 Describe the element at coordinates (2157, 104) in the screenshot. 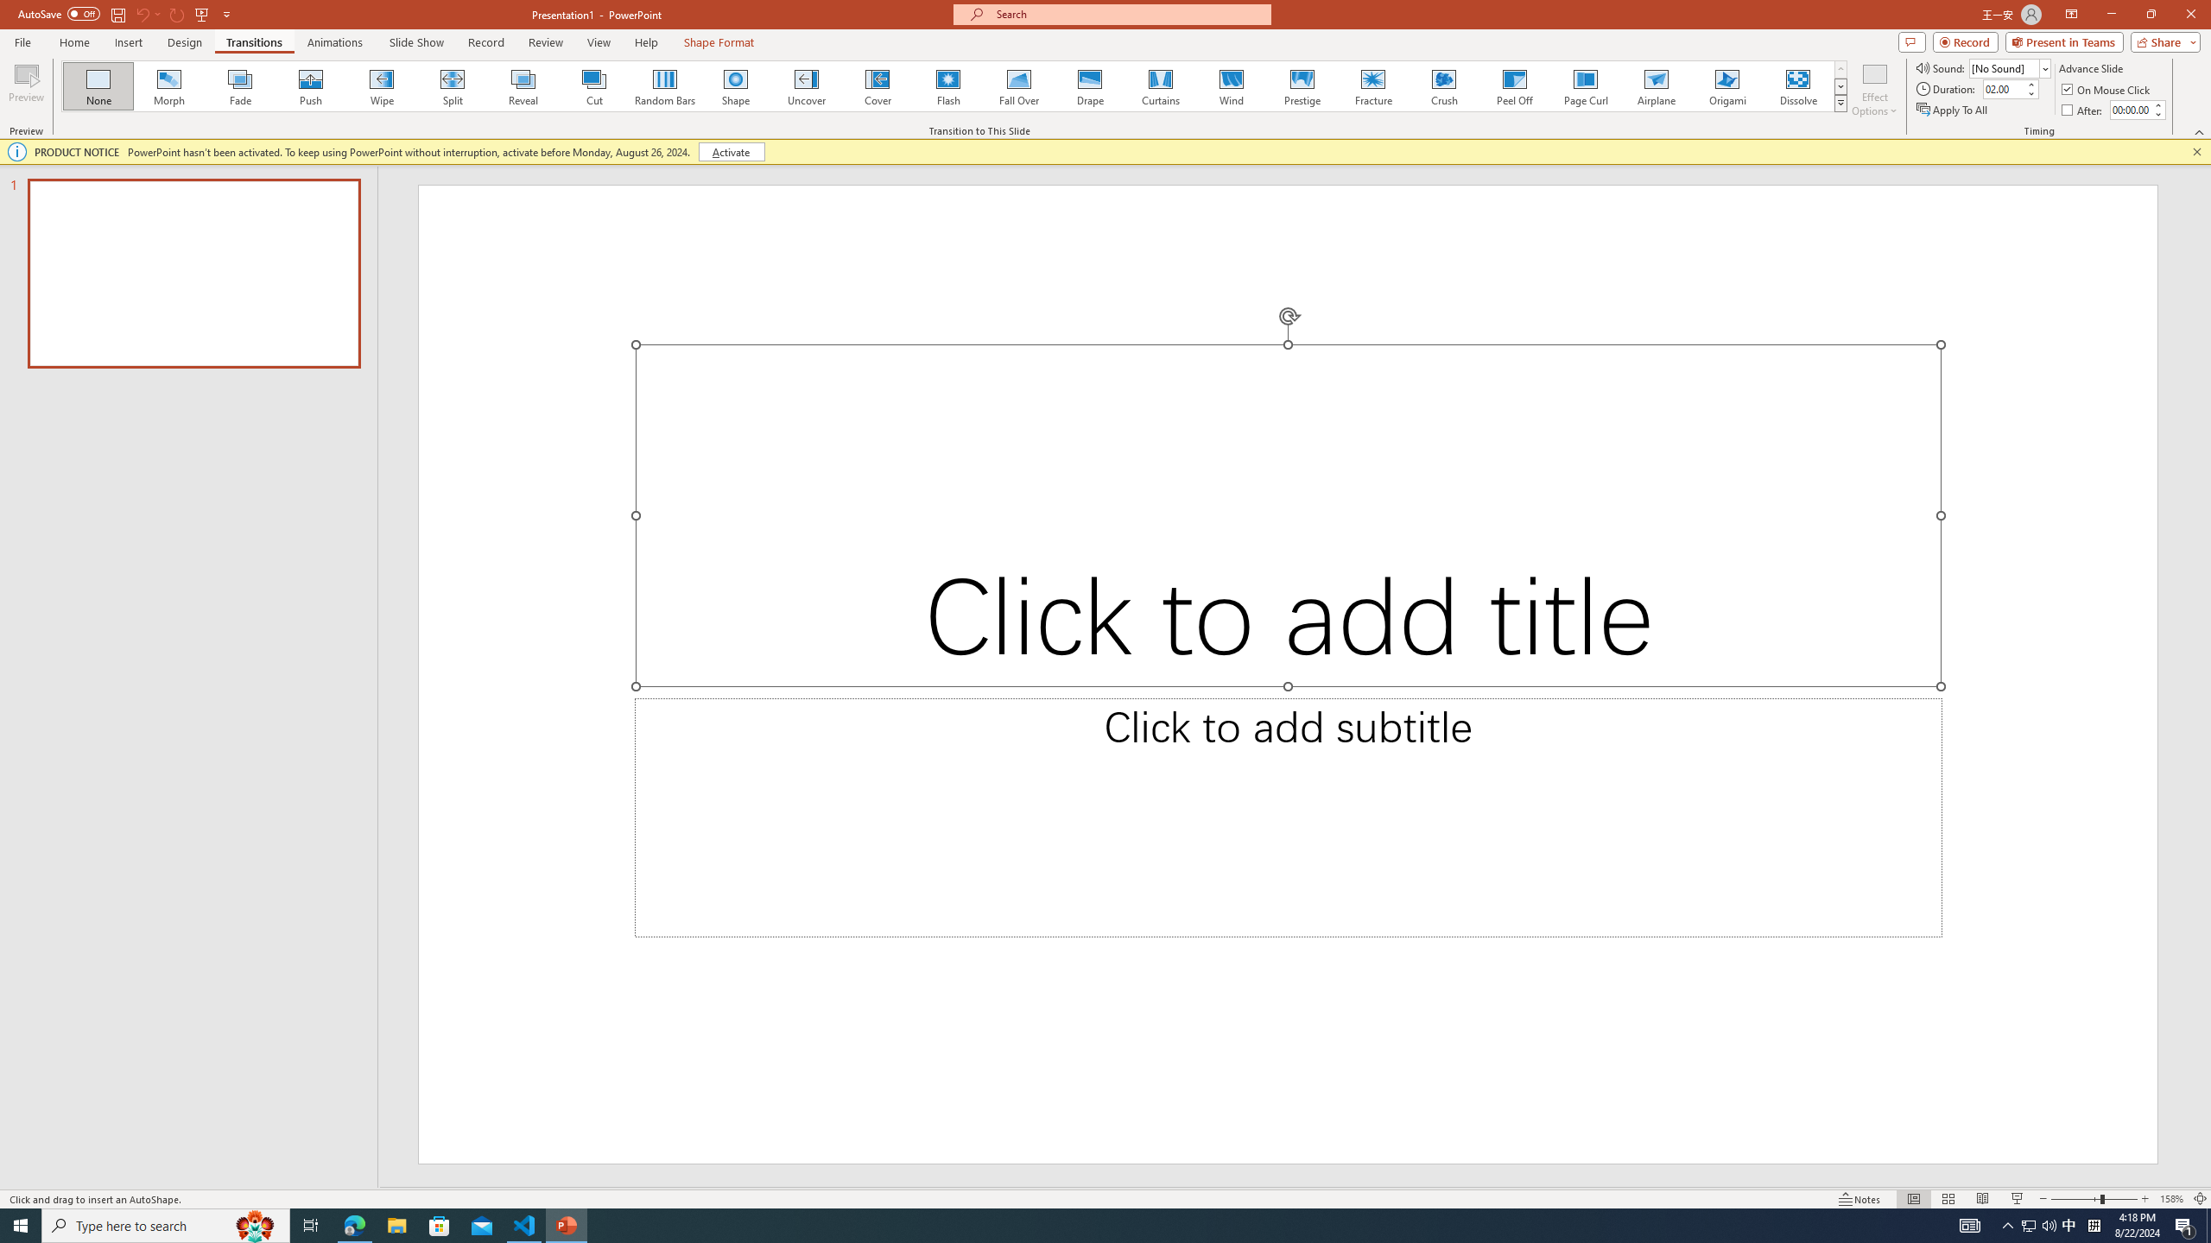

I see `'More'` at that location.